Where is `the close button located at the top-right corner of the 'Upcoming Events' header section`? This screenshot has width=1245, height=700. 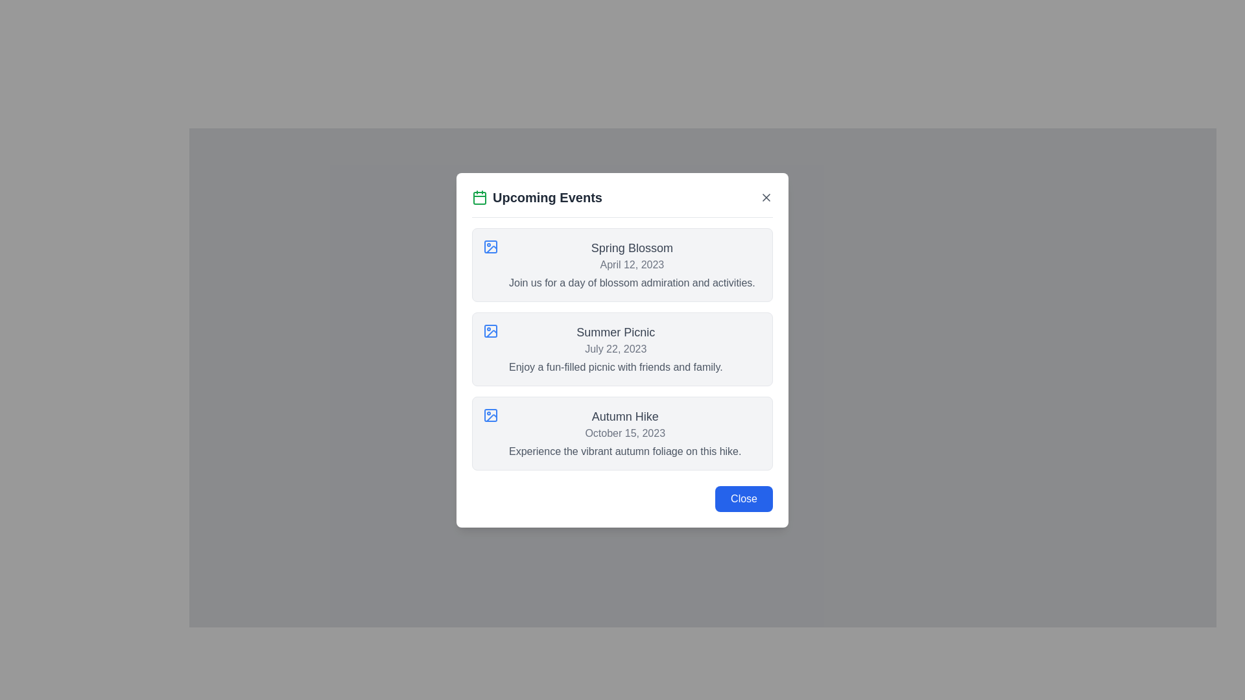 the close button located at the top-right corner of the 'Upcoming Events' header section is located at coordinates (766, 197).